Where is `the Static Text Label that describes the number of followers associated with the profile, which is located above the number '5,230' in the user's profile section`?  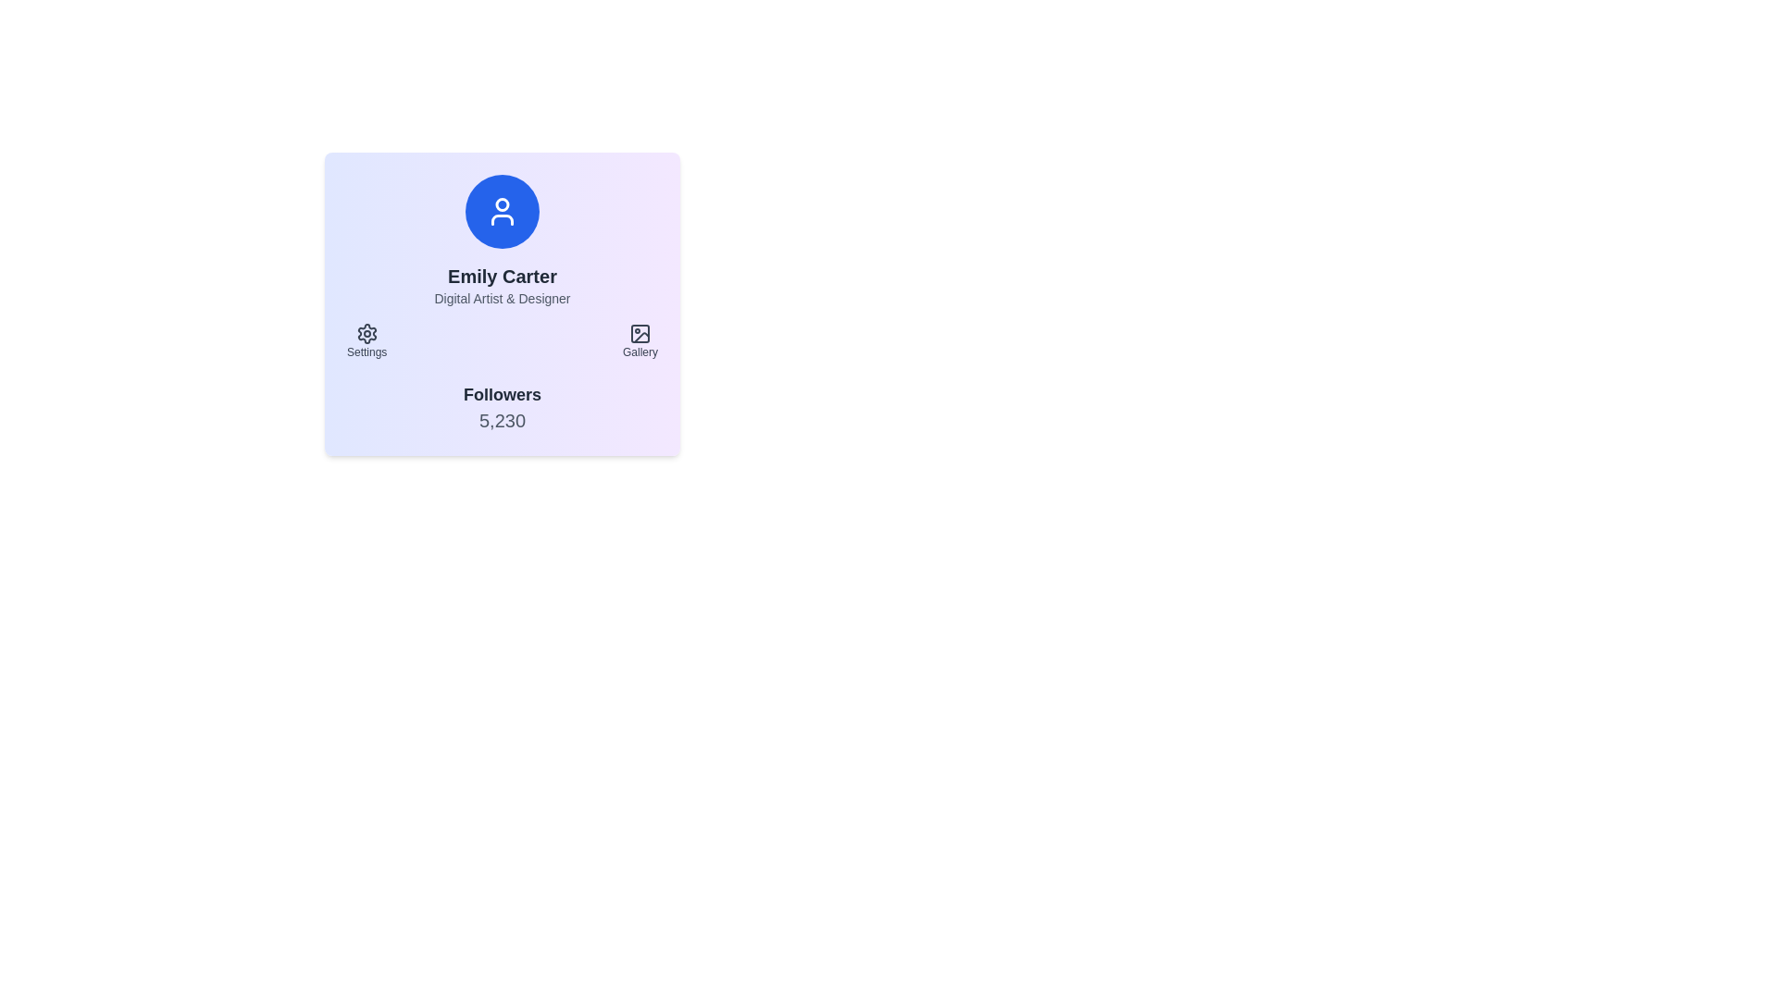
the Static Text Label that describes the number of followers associated with the profile, which is located above the number '5,230' in the user's profile section is located at coordinates (502, 394).